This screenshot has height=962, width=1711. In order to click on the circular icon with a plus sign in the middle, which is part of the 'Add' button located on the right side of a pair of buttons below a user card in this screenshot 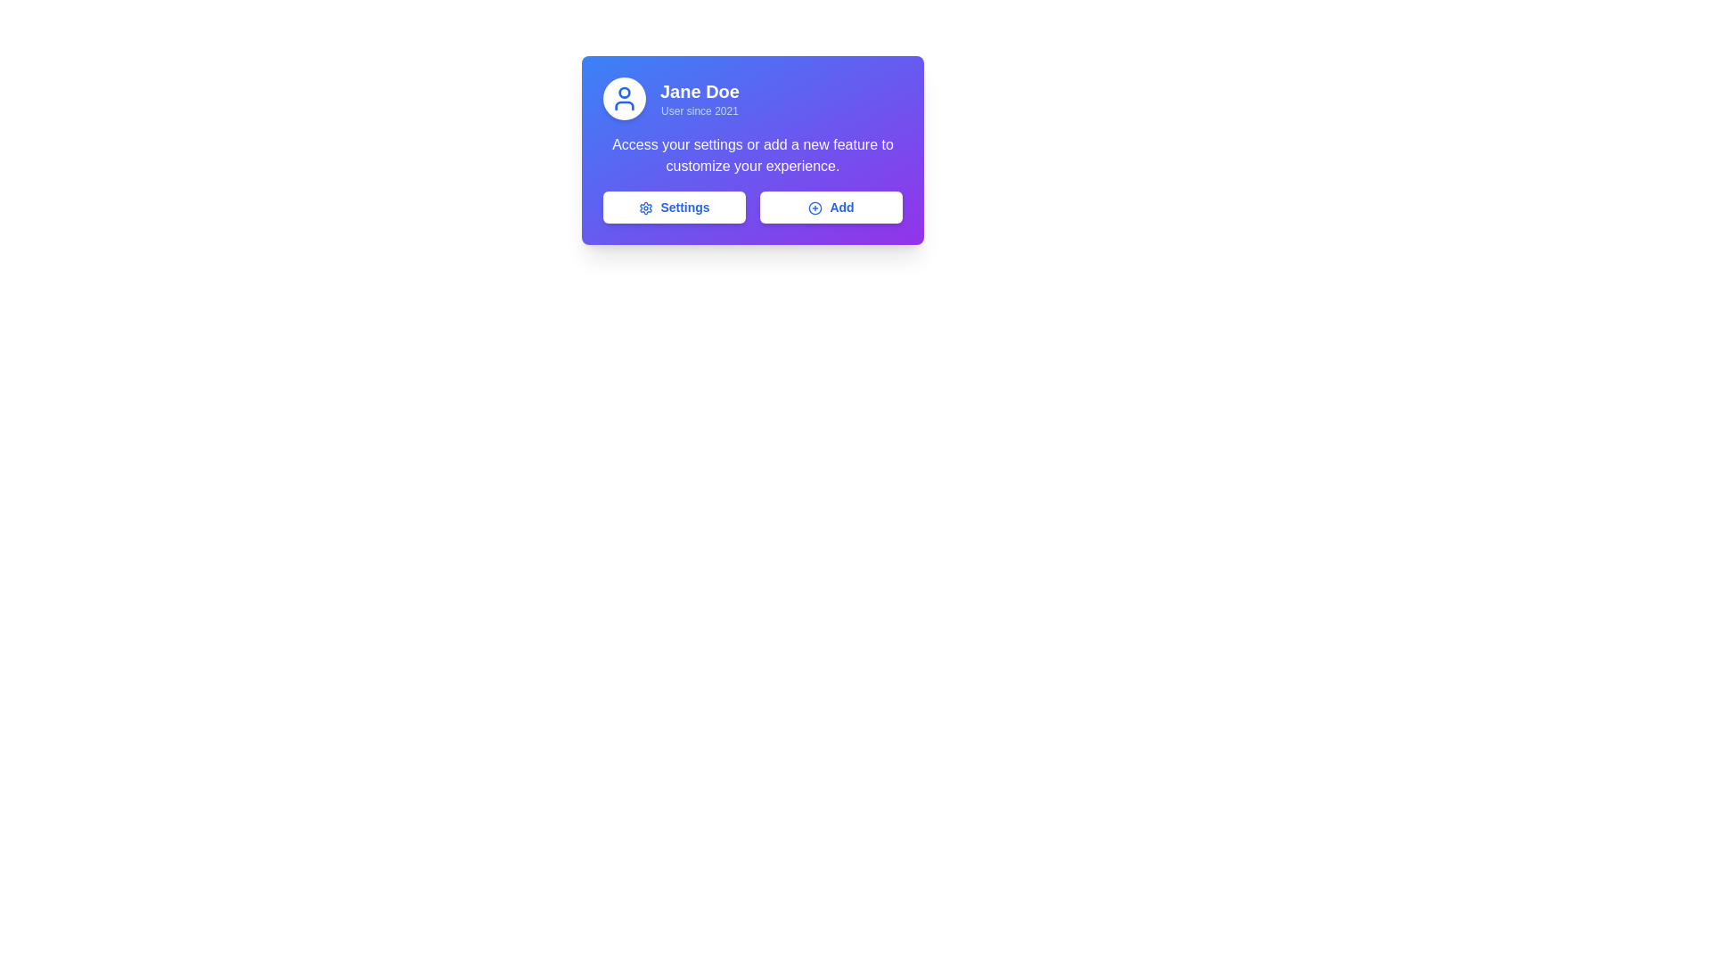, I will do `click(815, 208)`.